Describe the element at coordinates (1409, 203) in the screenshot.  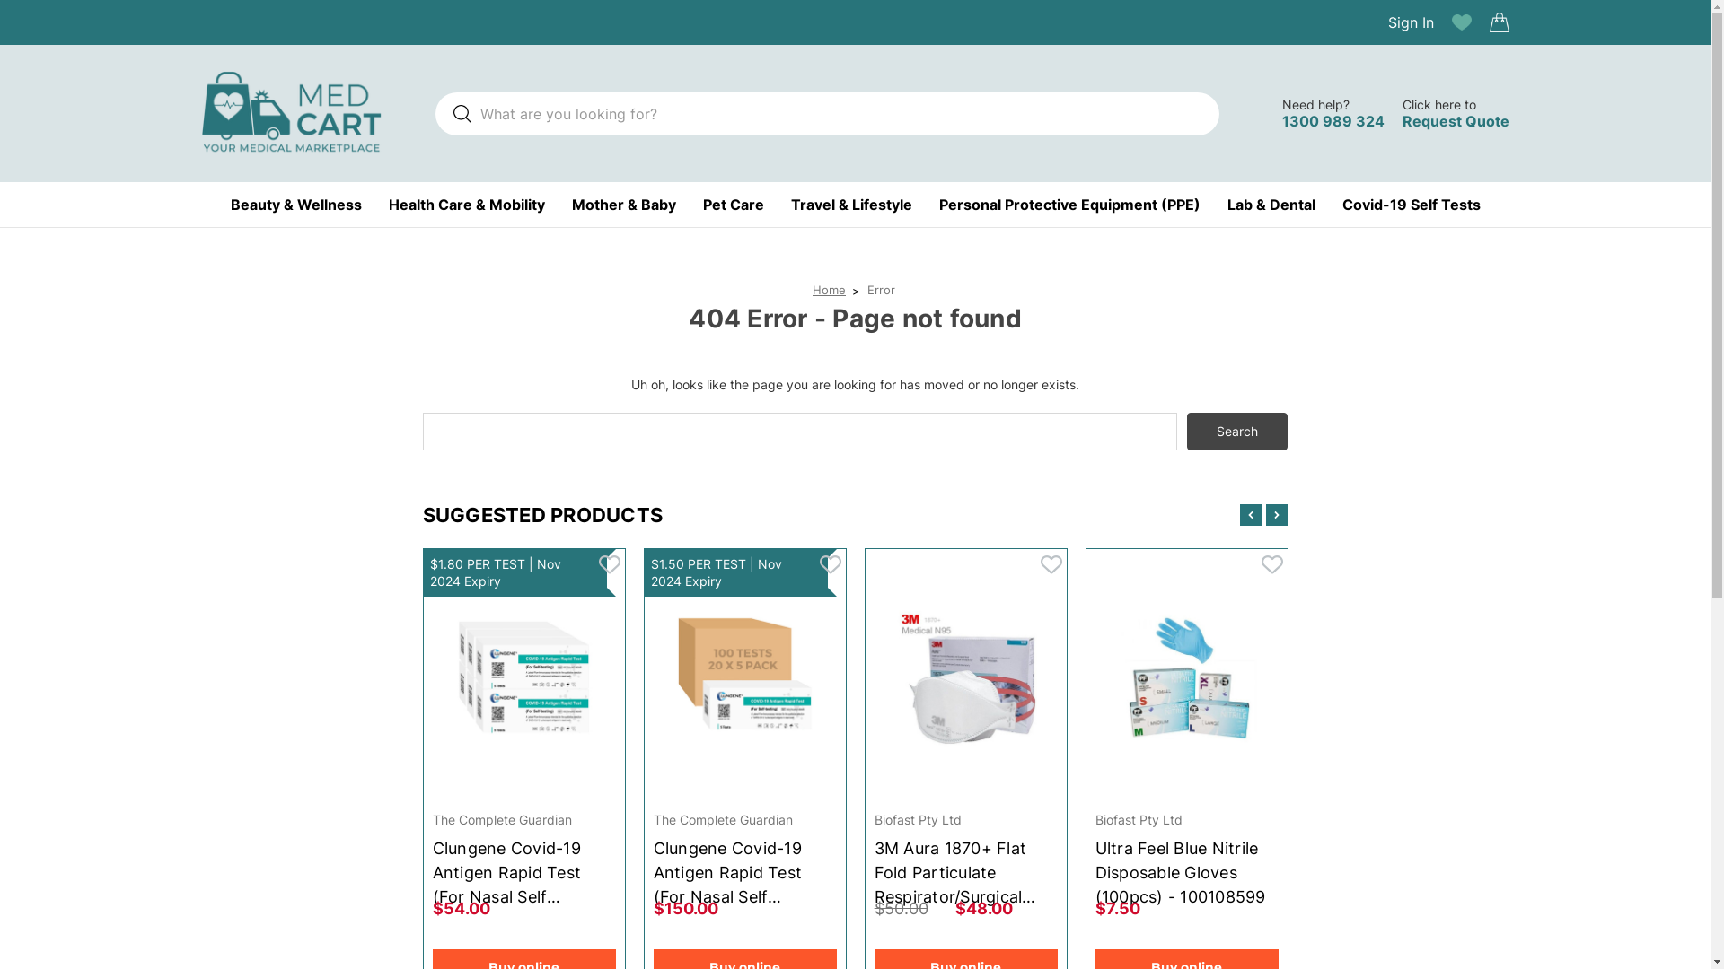
I see `'Covid-19 Self Tests'` at that location.